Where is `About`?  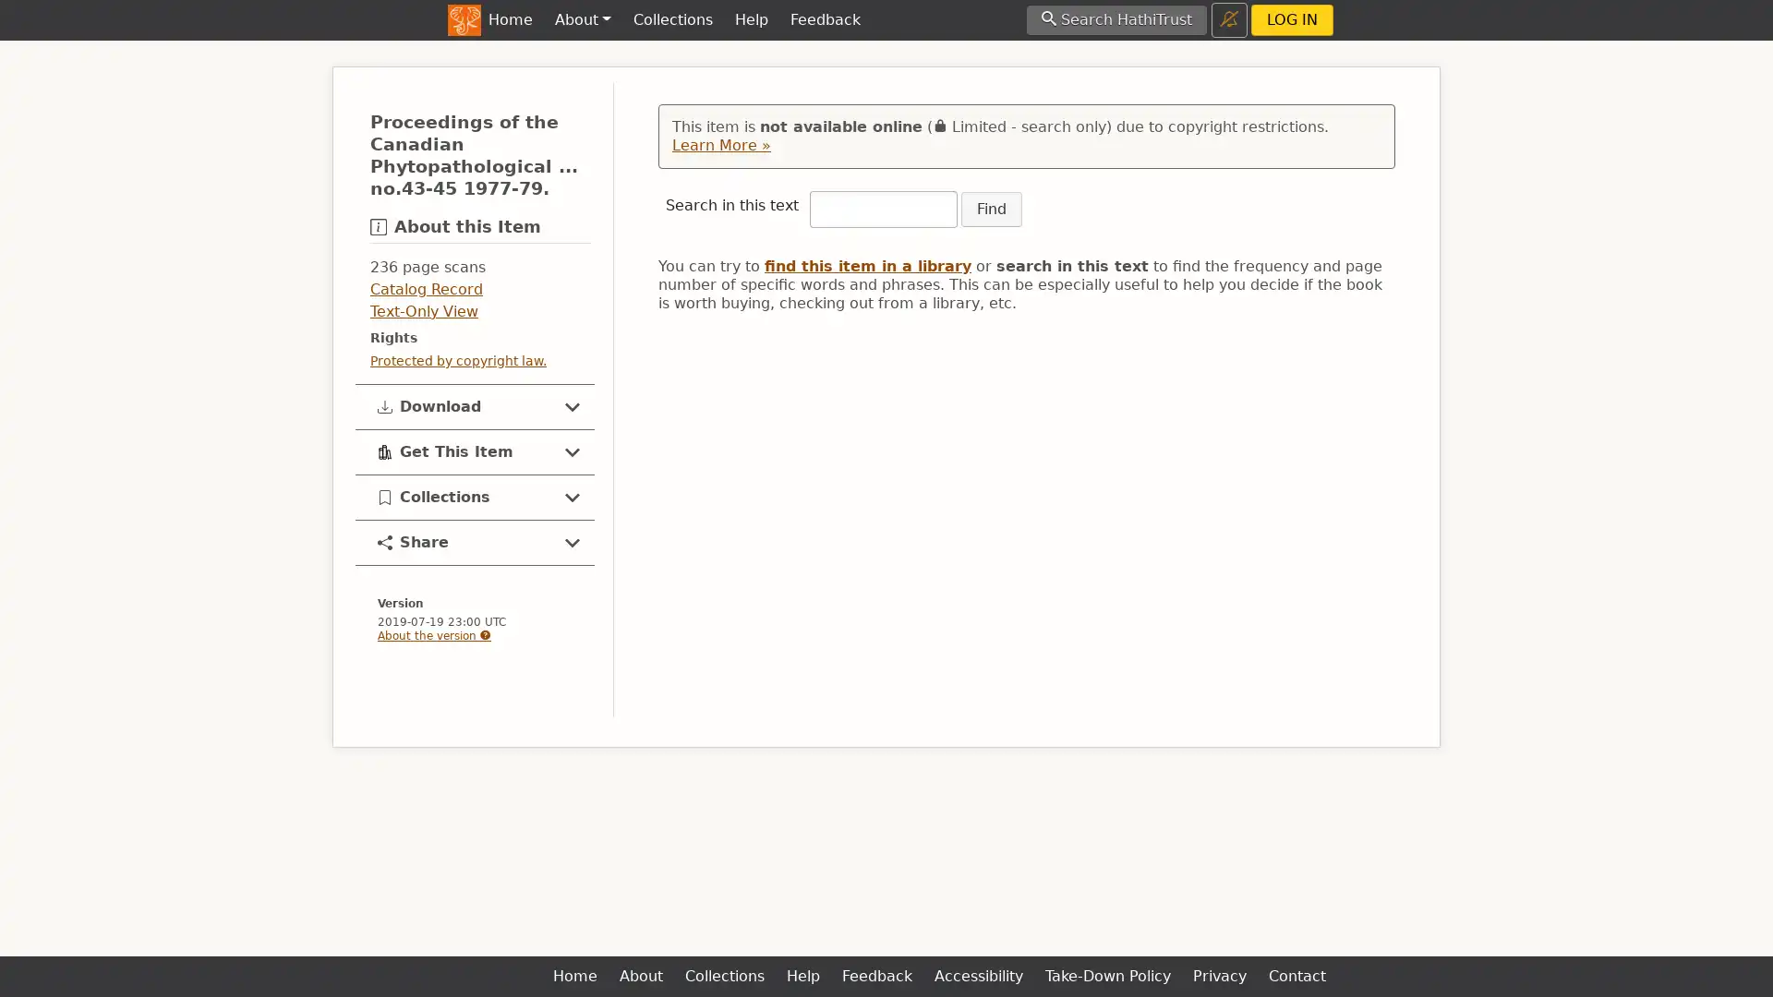 About is located at coordinates (581, 20).